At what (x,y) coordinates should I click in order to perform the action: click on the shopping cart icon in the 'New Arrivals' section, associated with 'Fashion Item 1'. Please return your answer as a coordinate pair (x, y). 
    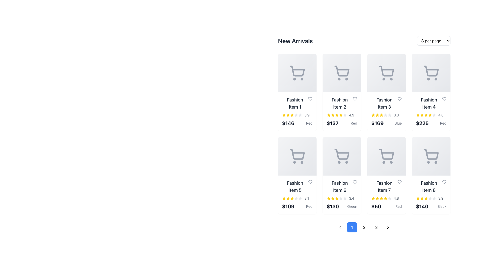
    Looking at the image, I should click on (297, 71).